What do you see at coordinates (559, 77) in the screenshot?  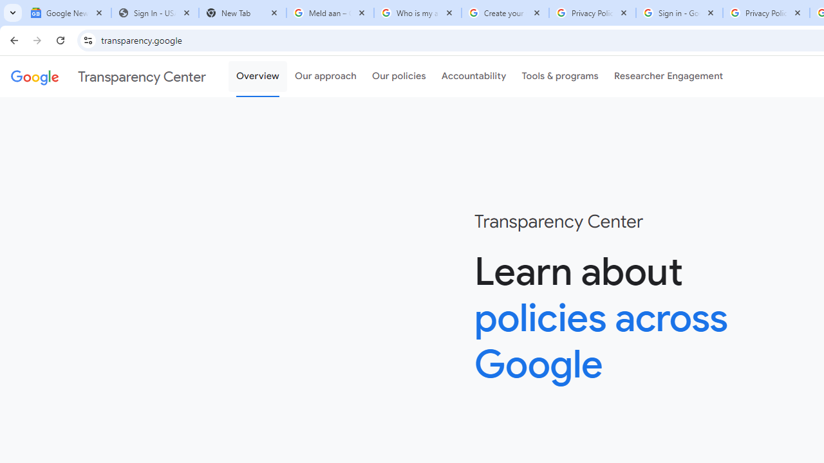 I see `'Tools & programs'` at bounding box center [559, 77].